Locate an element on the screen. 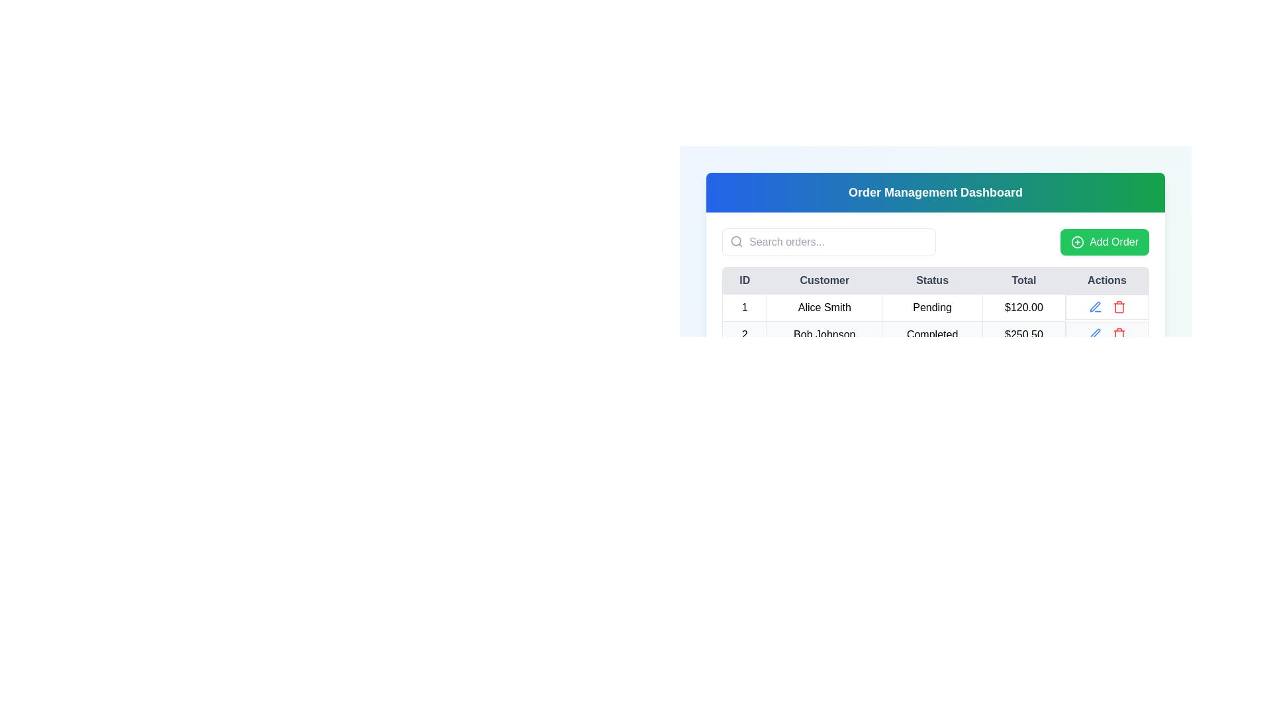 The height and width of the screenshot is (715, 1271). the Label/Static Text element displaying 'Bob Johnson' in black text, located in the second row under the 'Customer' column of the table is located at coordinates (824, 334).